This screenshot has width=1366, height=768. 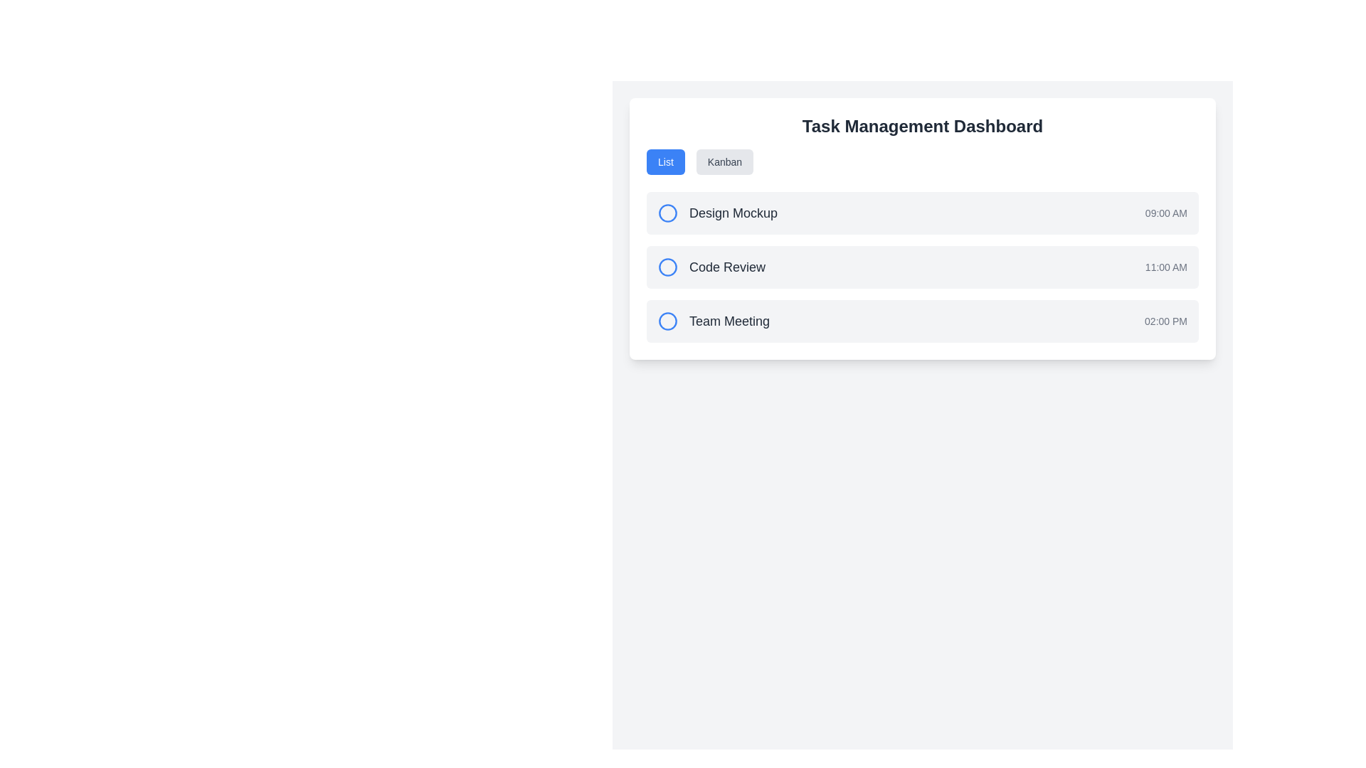 I want to click on the first button in the horizontal group at the top-left side of the card to switch to 'List' mode, so click(x=665, y=161).